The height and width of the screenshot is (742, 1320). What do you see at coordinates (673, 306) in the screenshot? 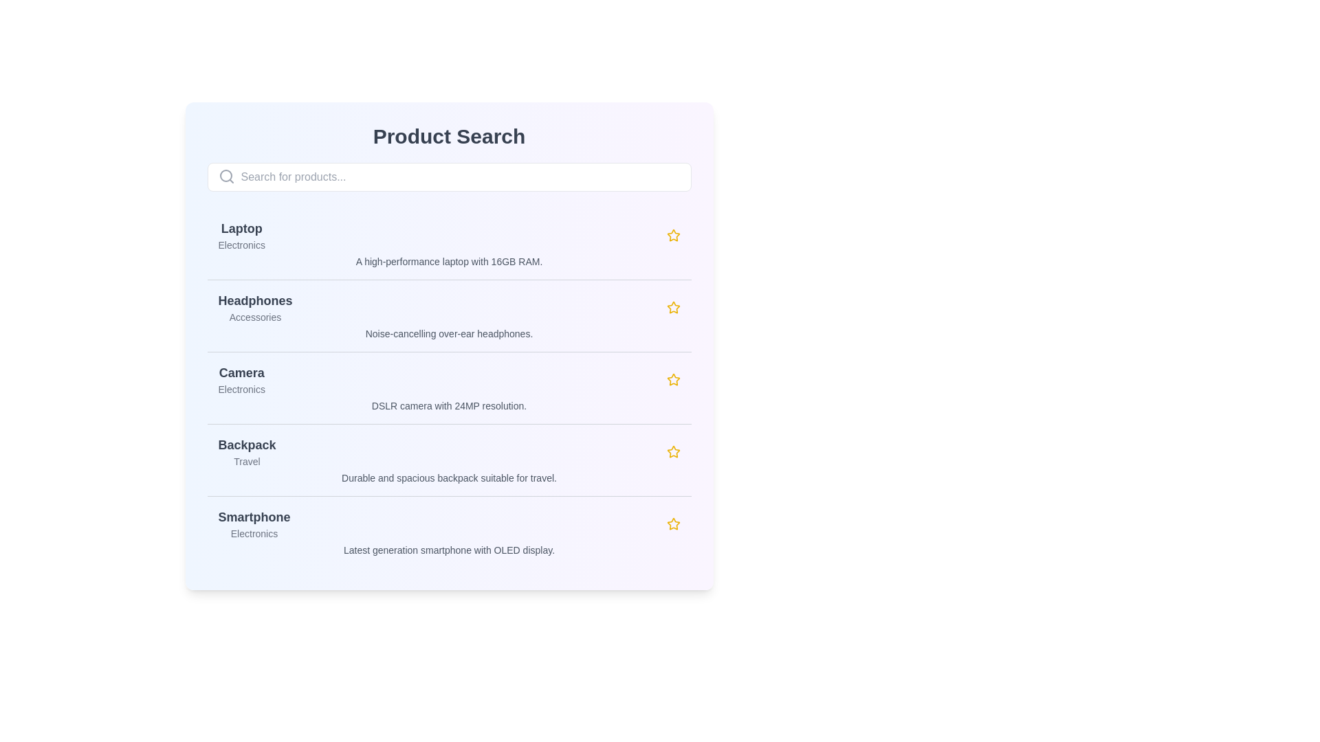
I see `the star-shaped icon, which is yellow and outlined, located to the right of the 'Headphones' text in the list layout, to mark the item as favorite` at bounding box center [673, 306].